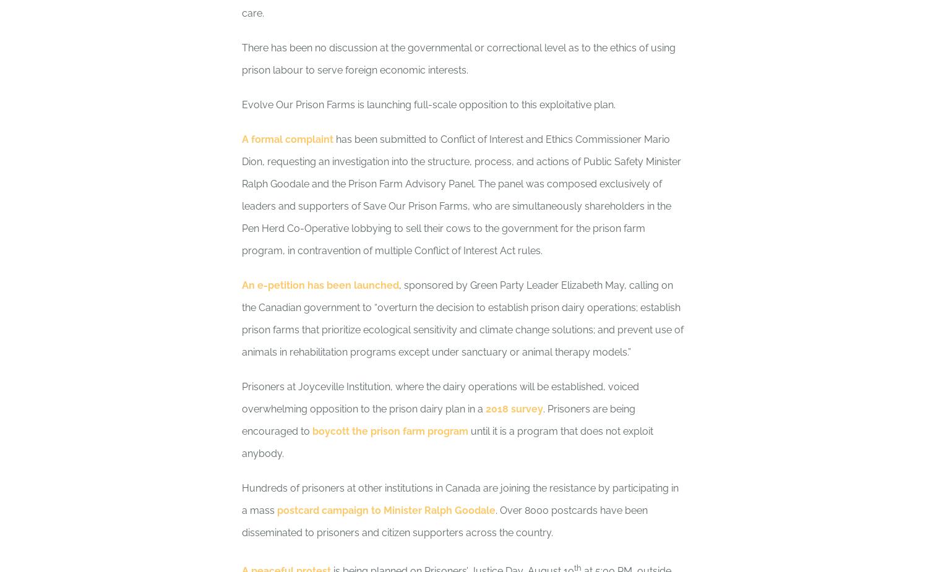 The image size is (928, 572). What do you see at coordinates (385, 510) in the screenshot?
I see `'postcard campaign to Minister Ralph Goodale'` at bounding box center [385, 510].